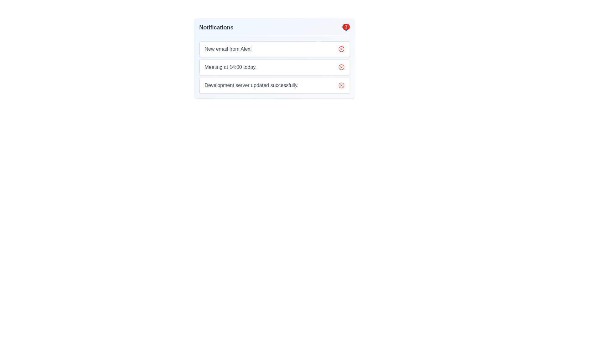  Describe the element at coordinates (341, 49) in the screenshot. I see `the delete button for the notification entry containing the text 'New email from Alex!' to trigger its hover state` at that location.